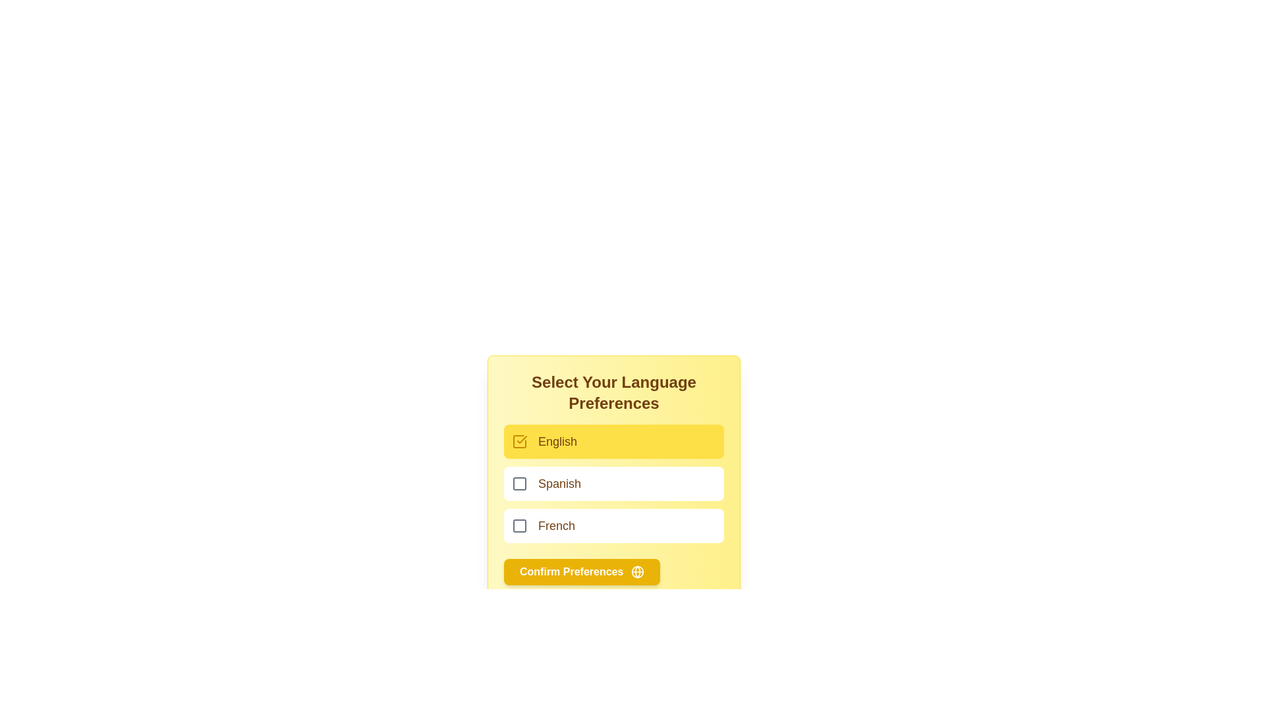  Describe the element at coordinates (613, 484) in the screenshot. I see `on the 'Spanish' language checkbox` at that location.